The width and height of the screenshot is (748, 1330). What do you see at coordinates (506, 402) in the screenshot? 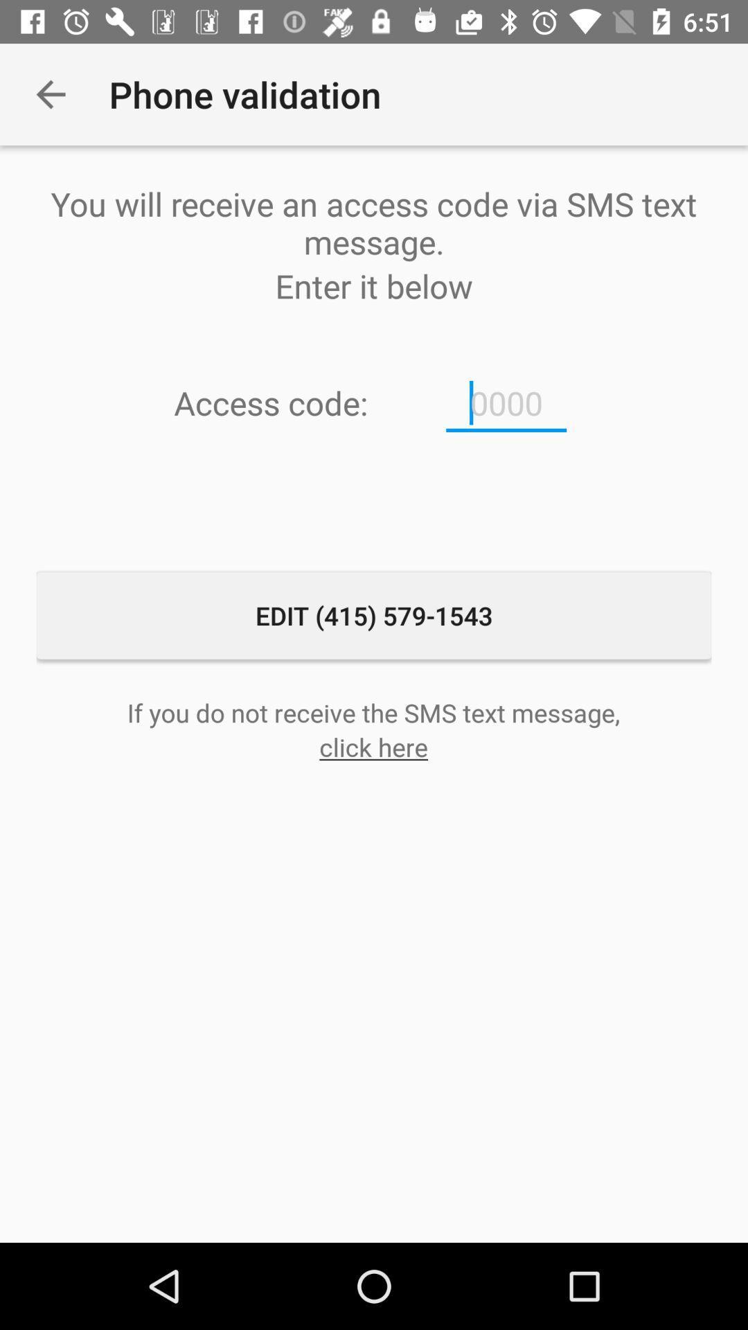
I see `access code` at bounding box center [506, 402].